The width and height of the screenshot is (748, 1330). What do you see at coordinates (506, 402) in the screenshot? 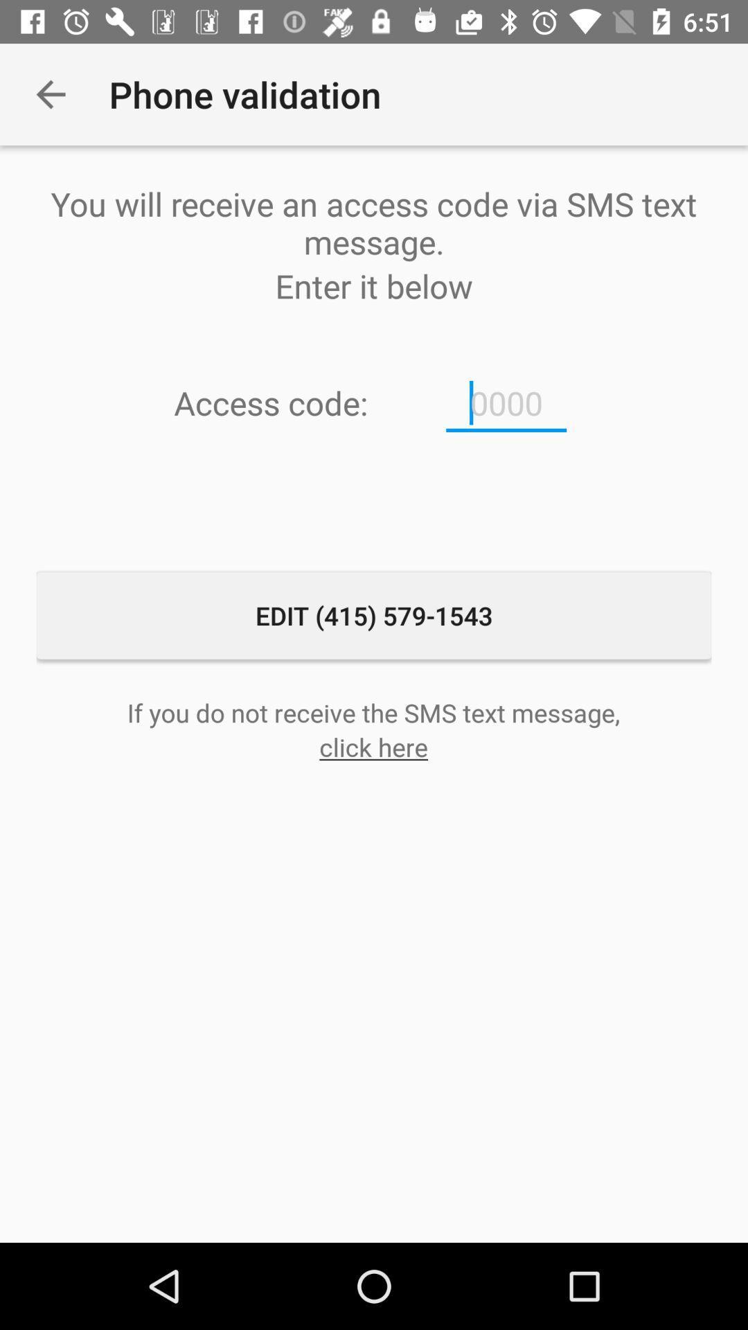
I see `access code` at bounding box center [506, 402].